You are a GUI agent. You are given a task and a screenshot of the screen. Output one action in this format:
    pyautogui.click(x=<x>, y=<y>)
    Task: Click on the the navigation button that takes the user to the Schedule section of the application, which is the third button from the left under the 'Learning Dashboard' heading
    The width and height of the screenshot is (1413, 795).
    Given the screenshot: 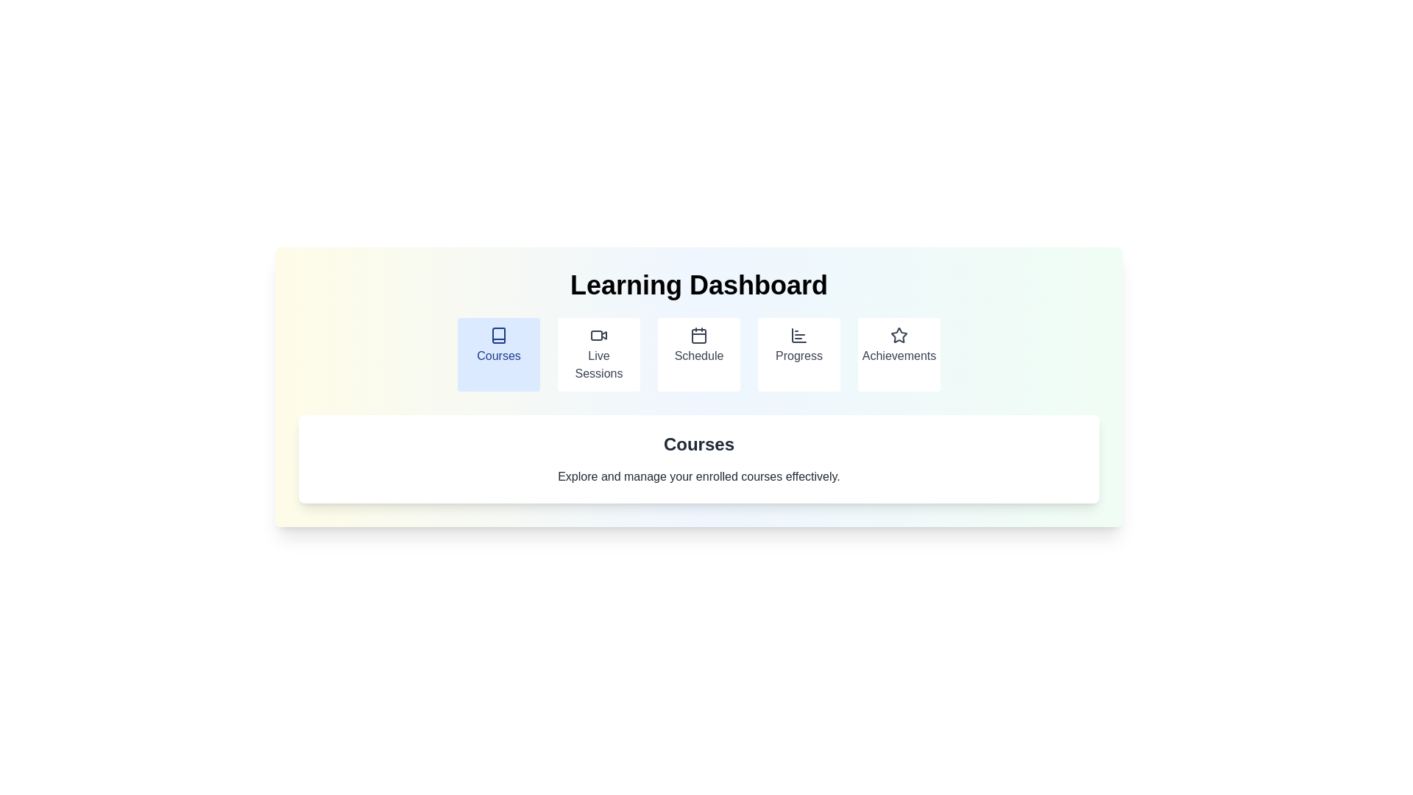 What is the action you would take?
    pyautogui.click(x=698, y=355)
    